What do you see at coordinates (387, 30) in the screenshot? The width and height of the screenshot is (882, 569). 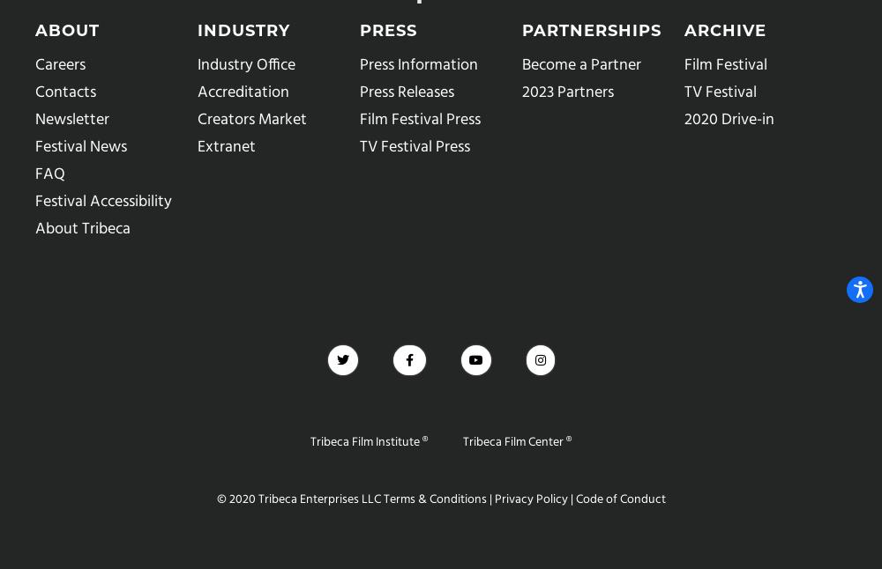 I see `'PRESS'` at bounding box center [387, 30].